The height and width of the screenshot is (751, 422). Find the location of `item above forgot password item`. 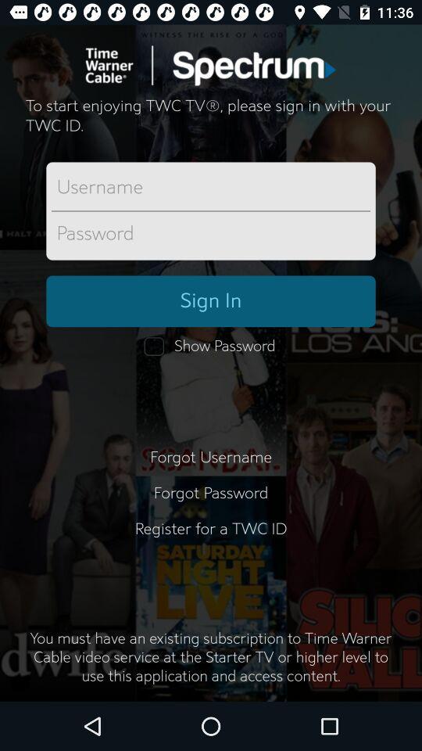

item above forgot password item is located at coordinates (211, 458).